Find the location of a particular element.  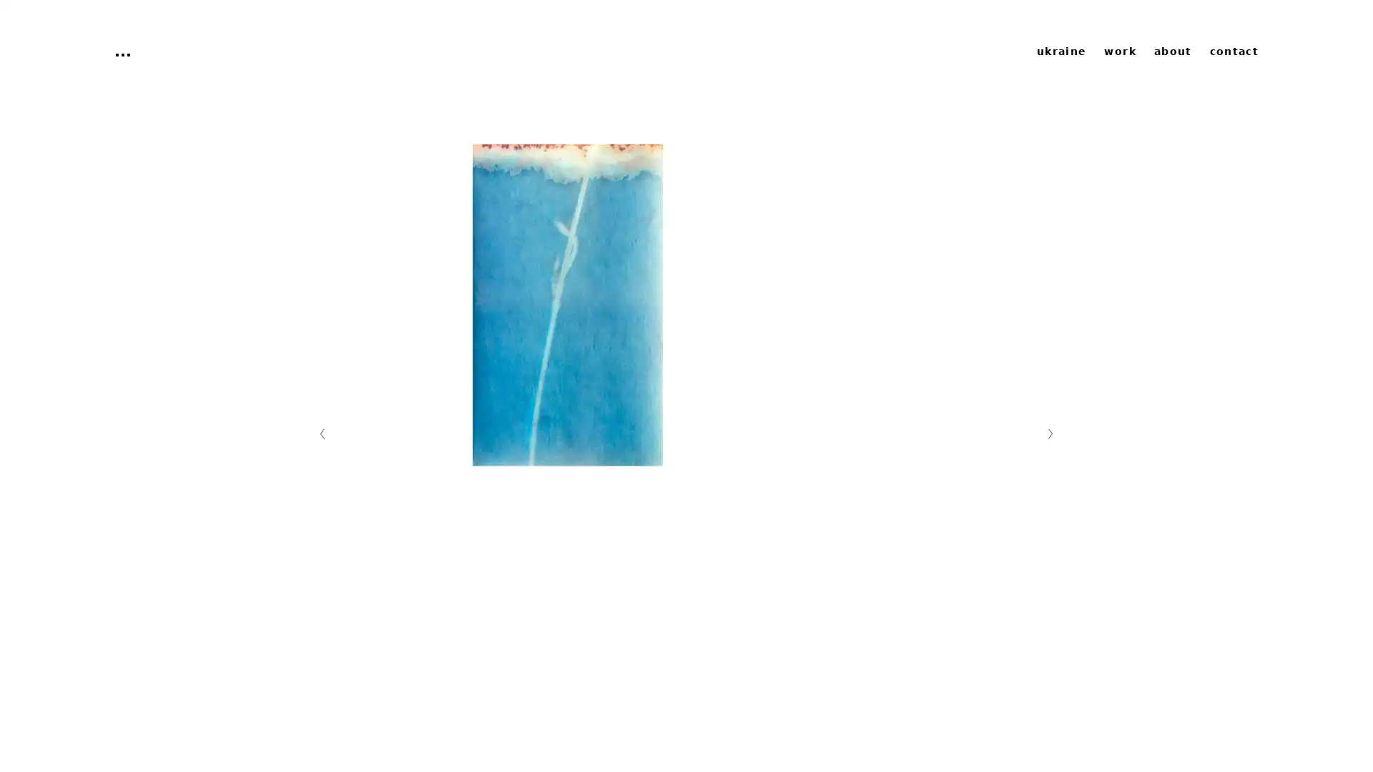

Nachste Folie is located at coordinates (1050, 432).